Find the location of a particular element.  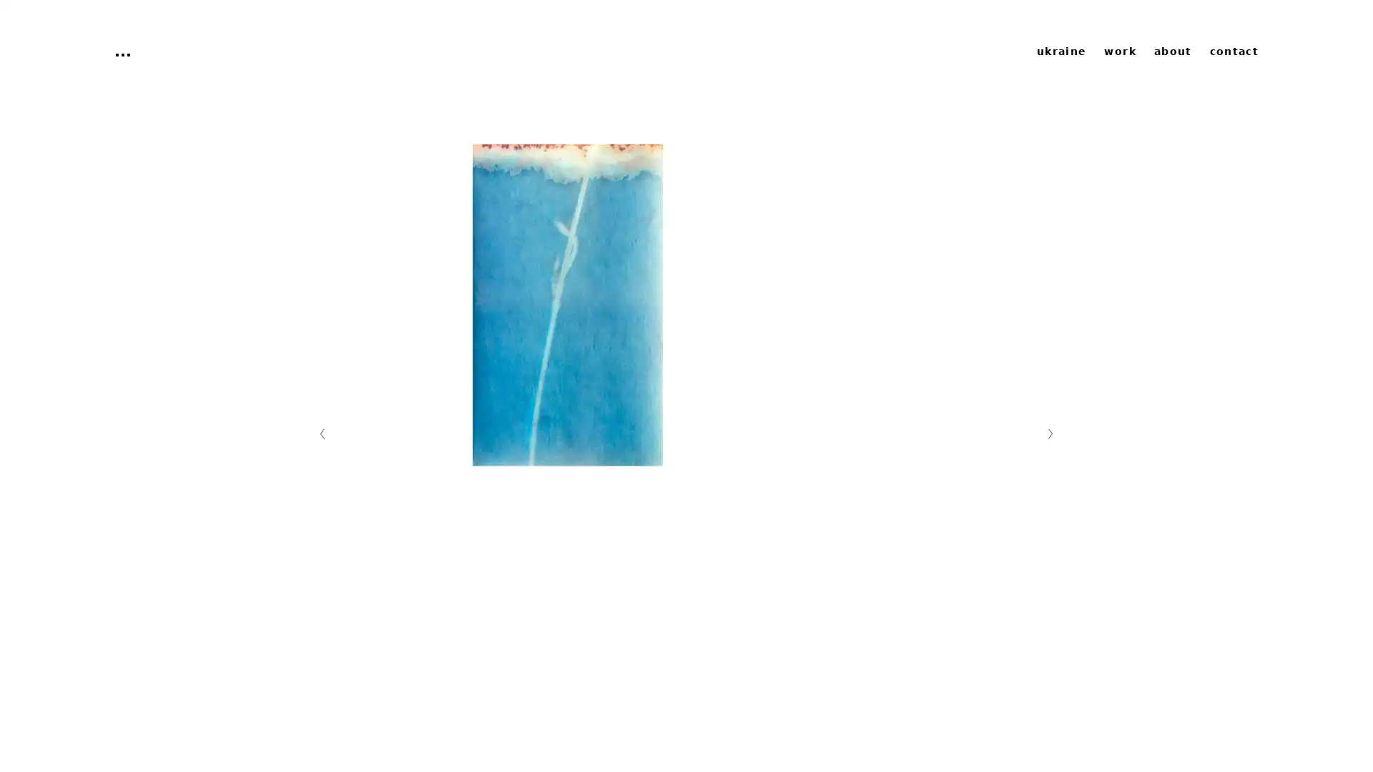

Nachste Folie is located at coordinates (1050, 432).